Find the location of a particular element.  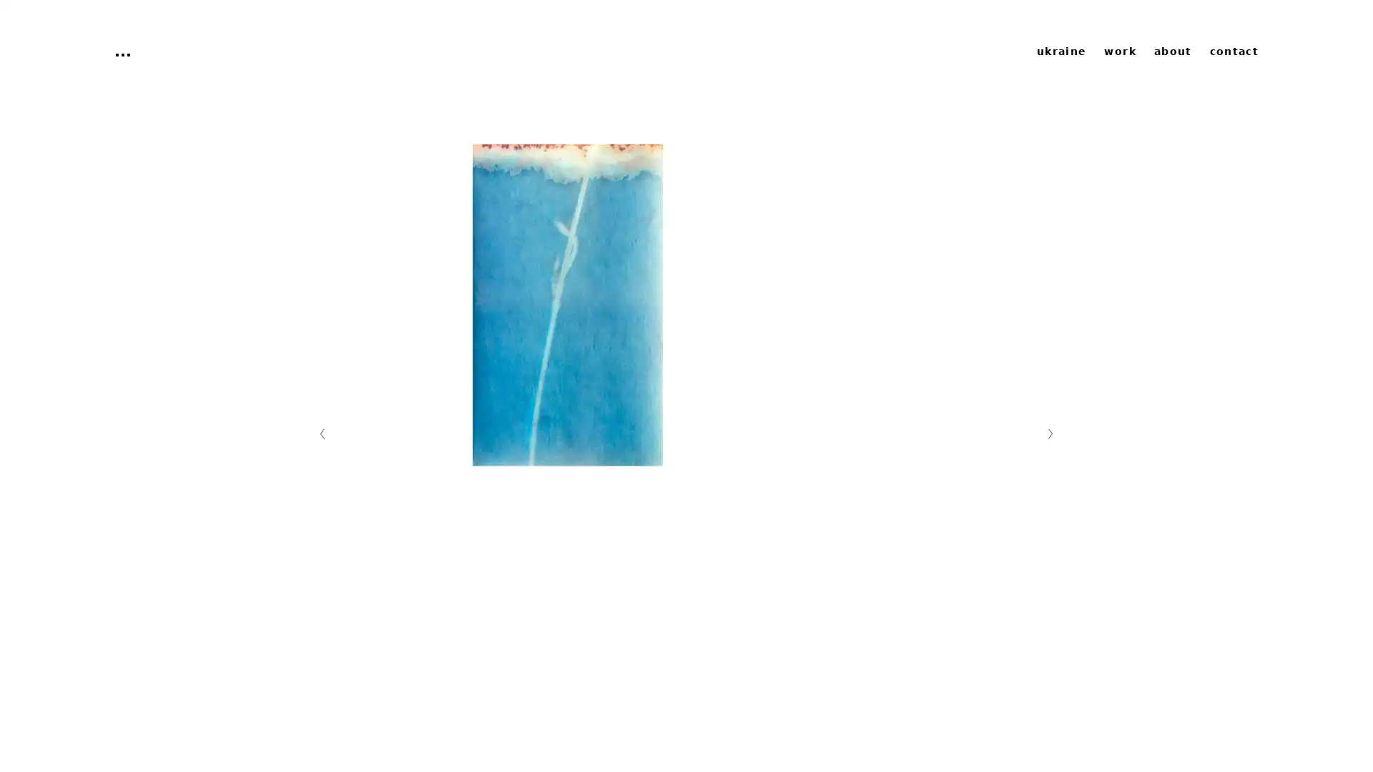

Nachste Folie is located at coordinates (1050, 432).